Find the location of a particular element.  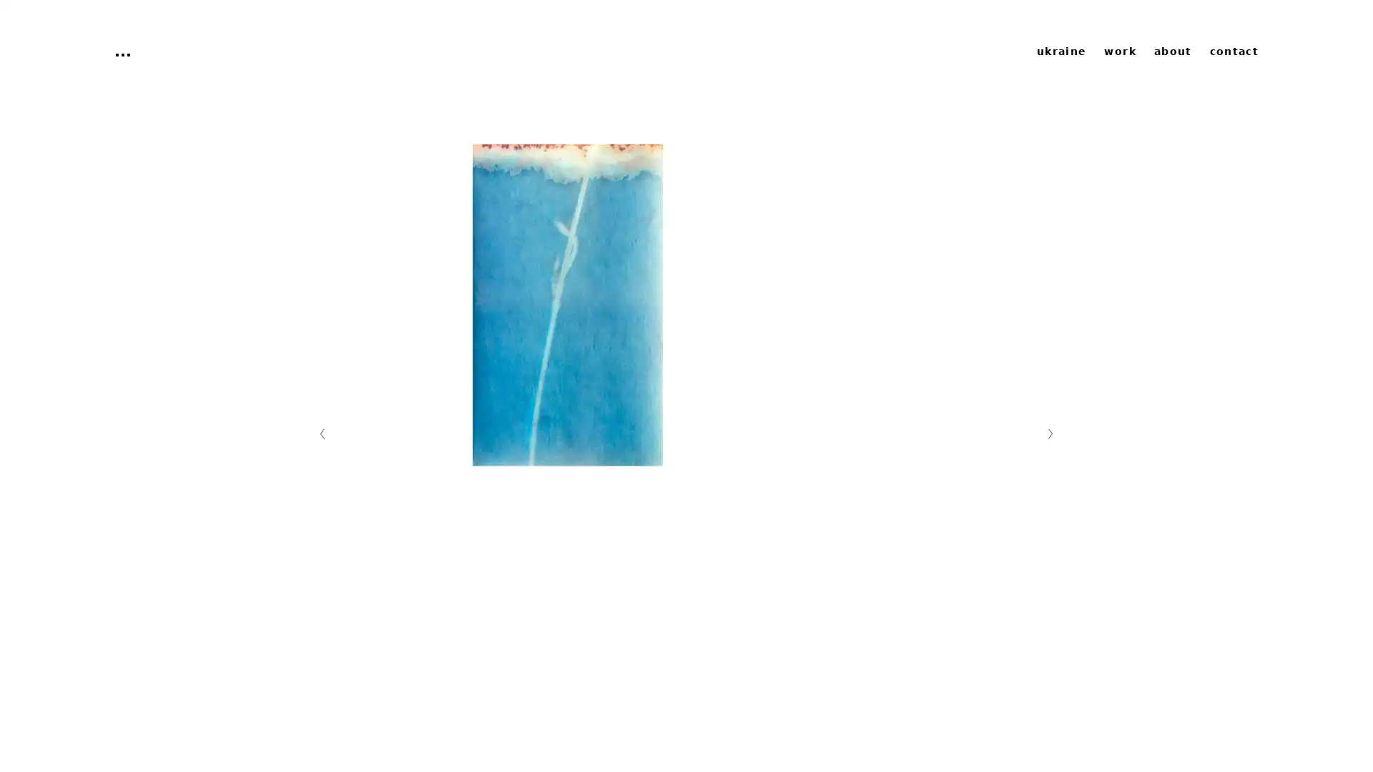

Nachste Folie is located at coordinates (1050, 432).